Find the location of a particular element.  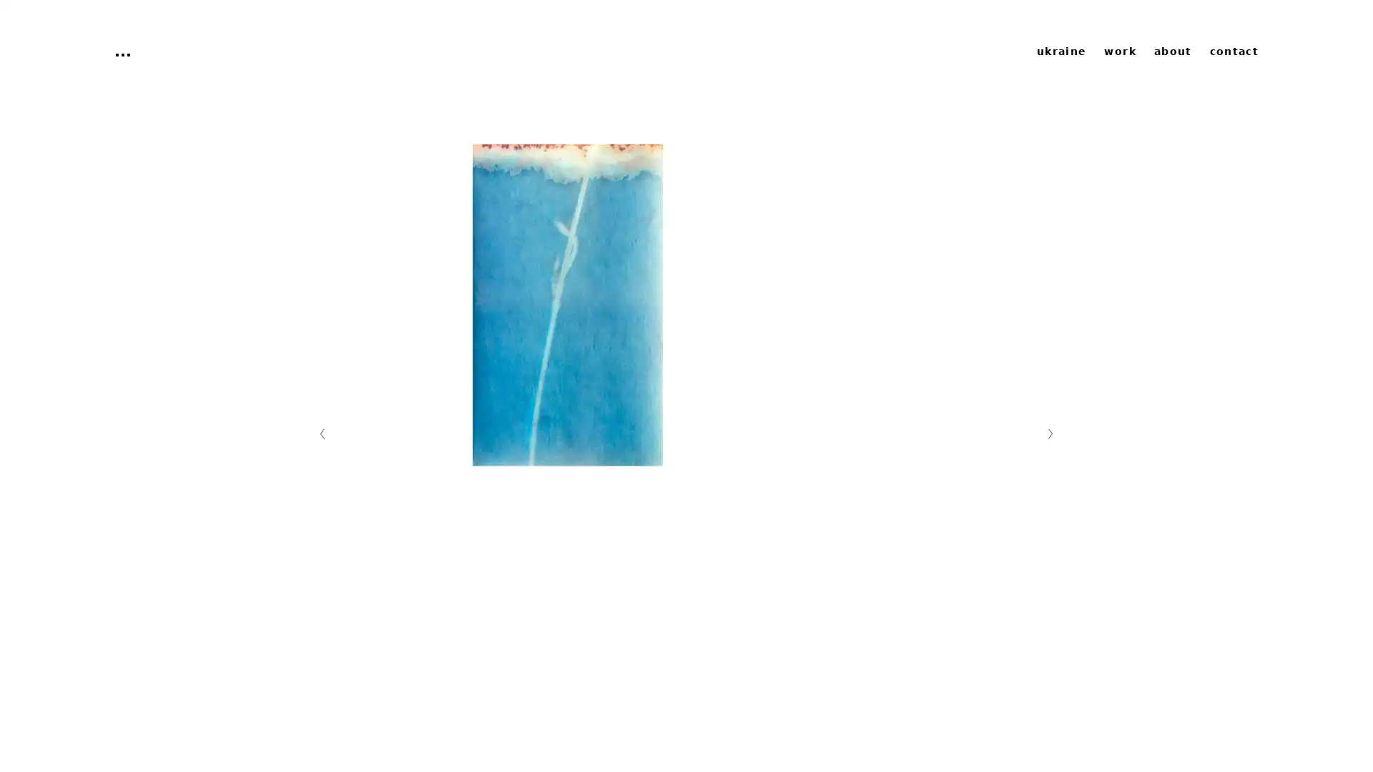

Nachste Folie is located at coordinates (1050, 432).